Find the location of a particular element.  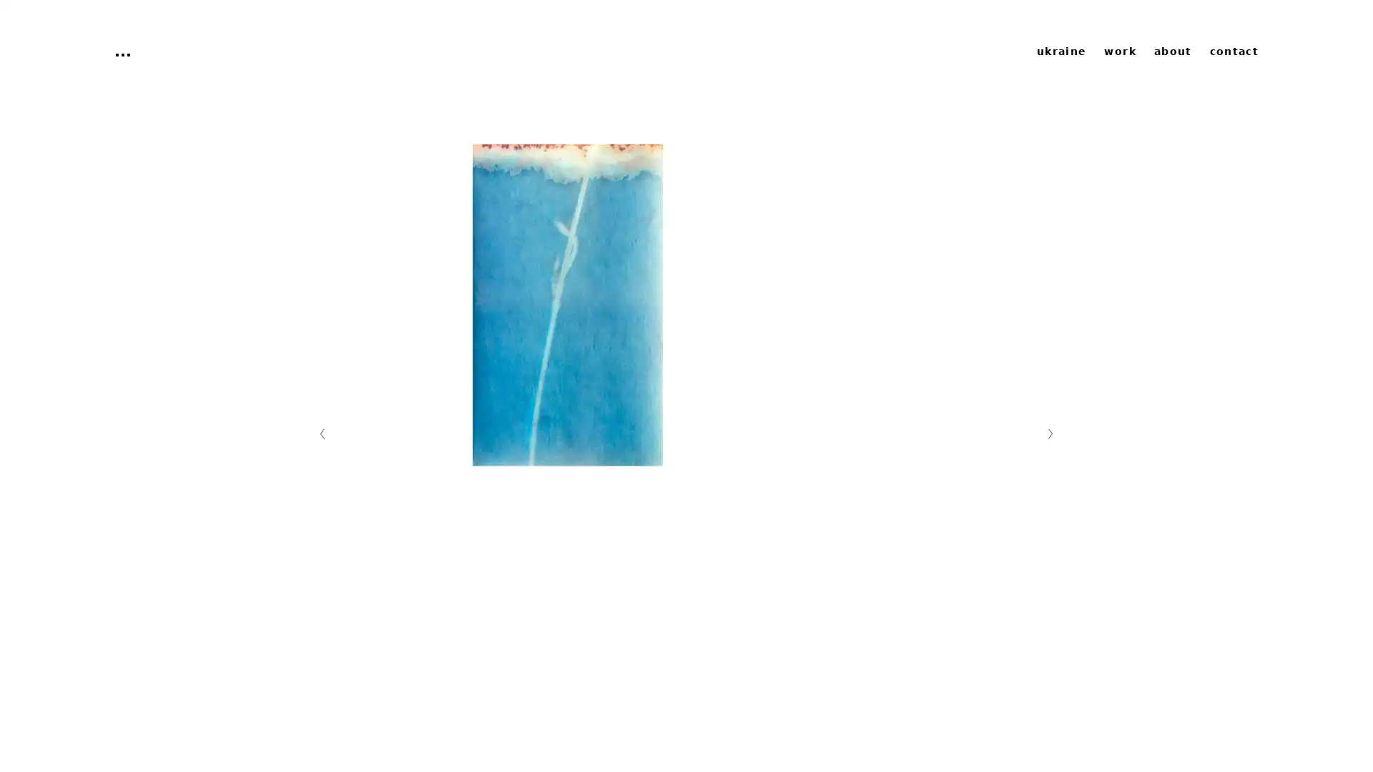

Nachste Folie is located at coordinates (1050, 432).